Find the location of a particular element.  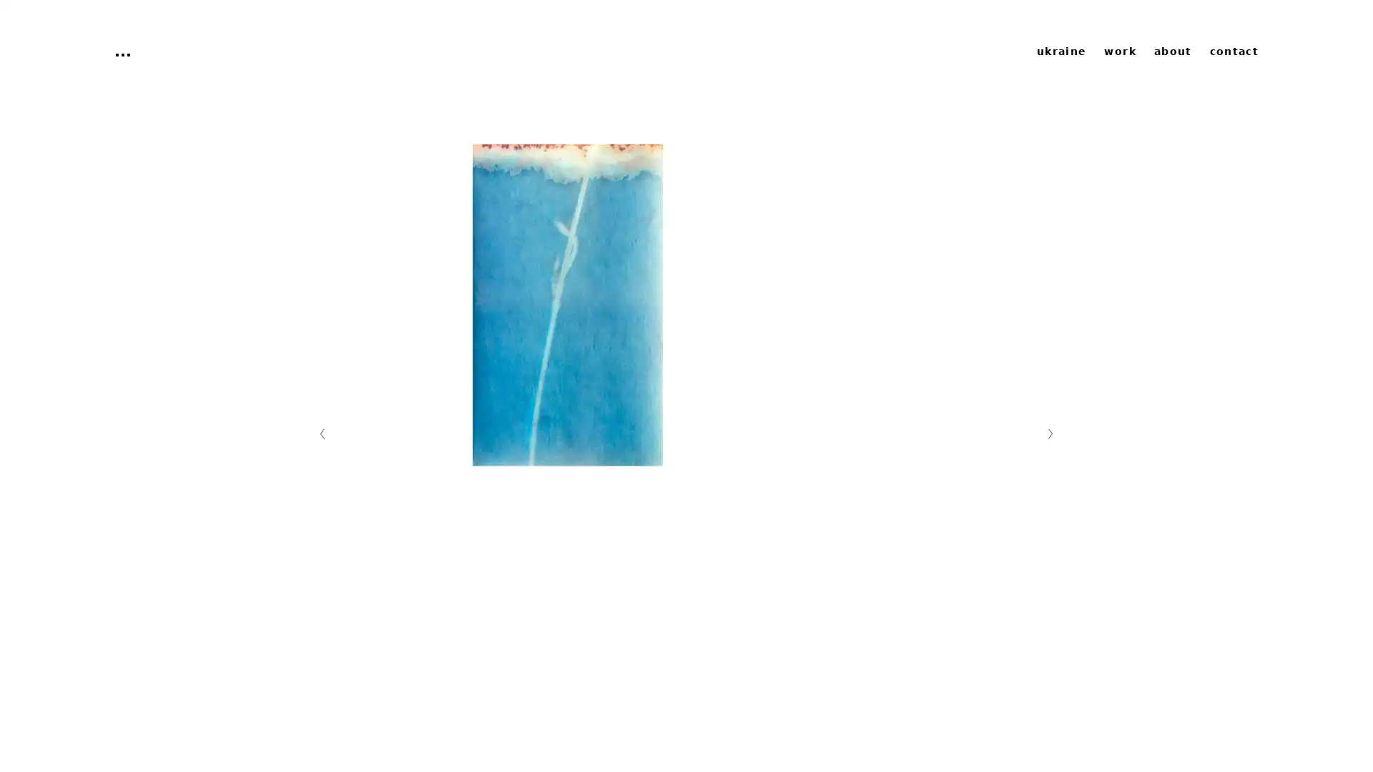

Nachste Folie is located at coordinates (1050, 432).